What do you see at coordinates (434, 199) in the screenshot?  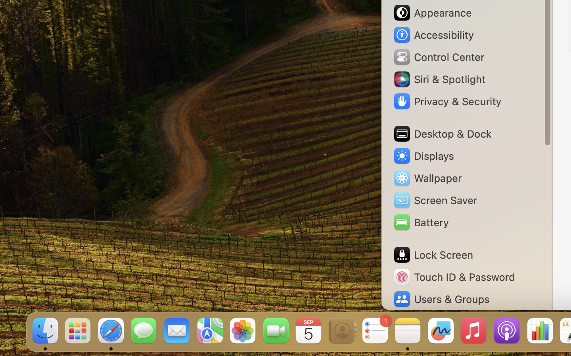 I see `'Screen Saver'` at bounding box center [434, 199].